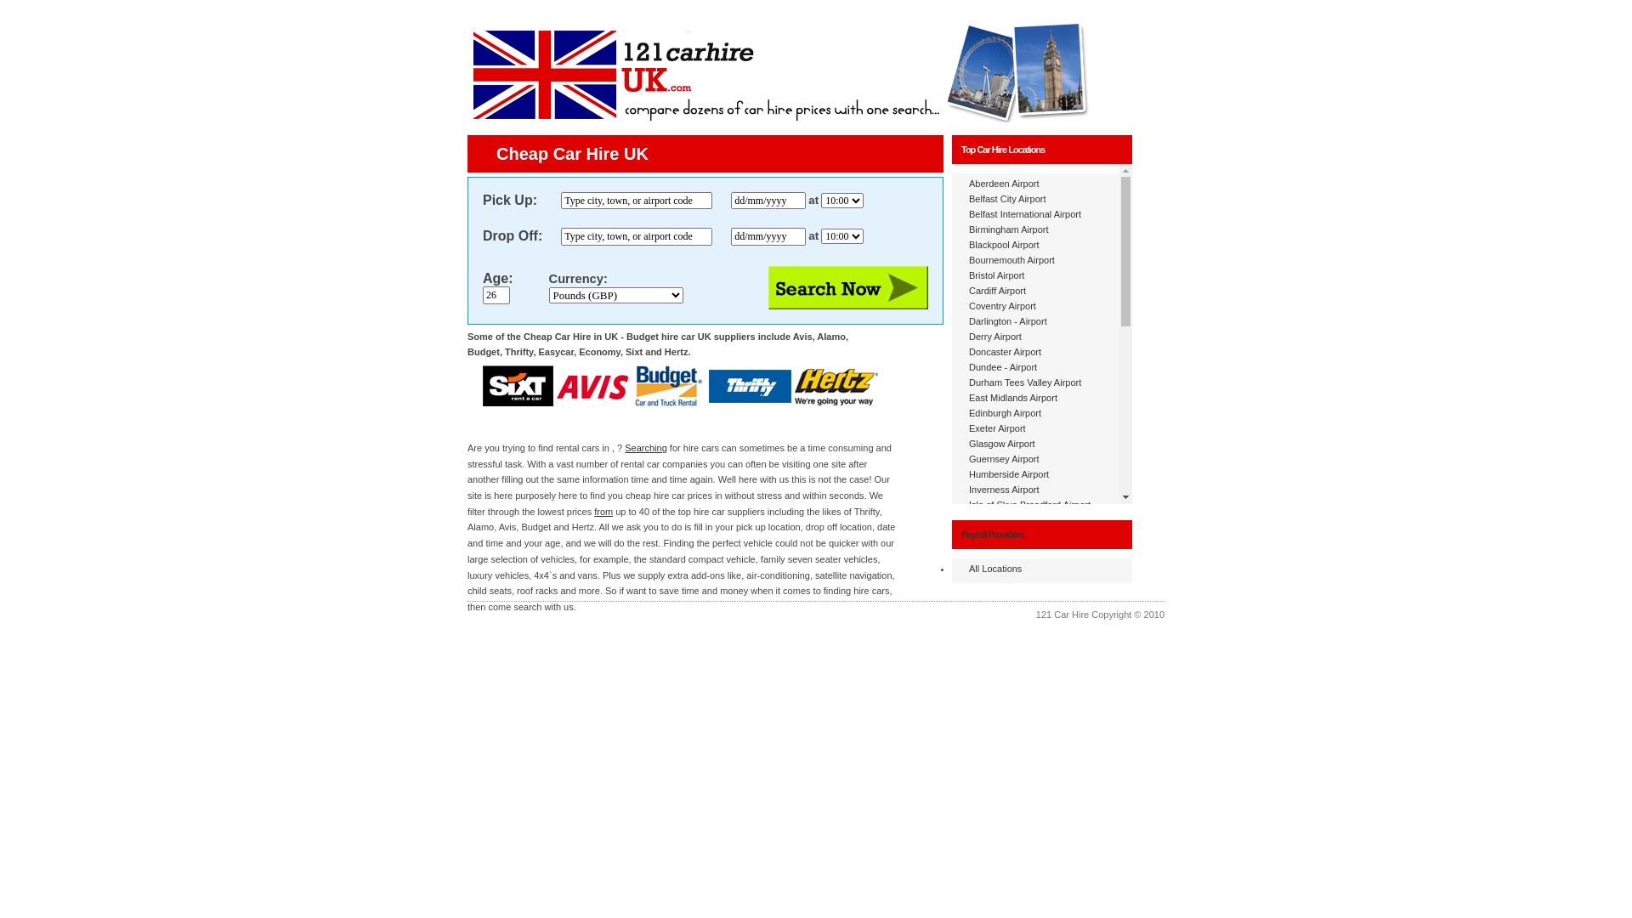 Image resolution: width=1632 pixels, height=918 pixels. Describe the element at coordinates (997, 519) in the screenshot. I see `'Jersey Airport'` at that location.